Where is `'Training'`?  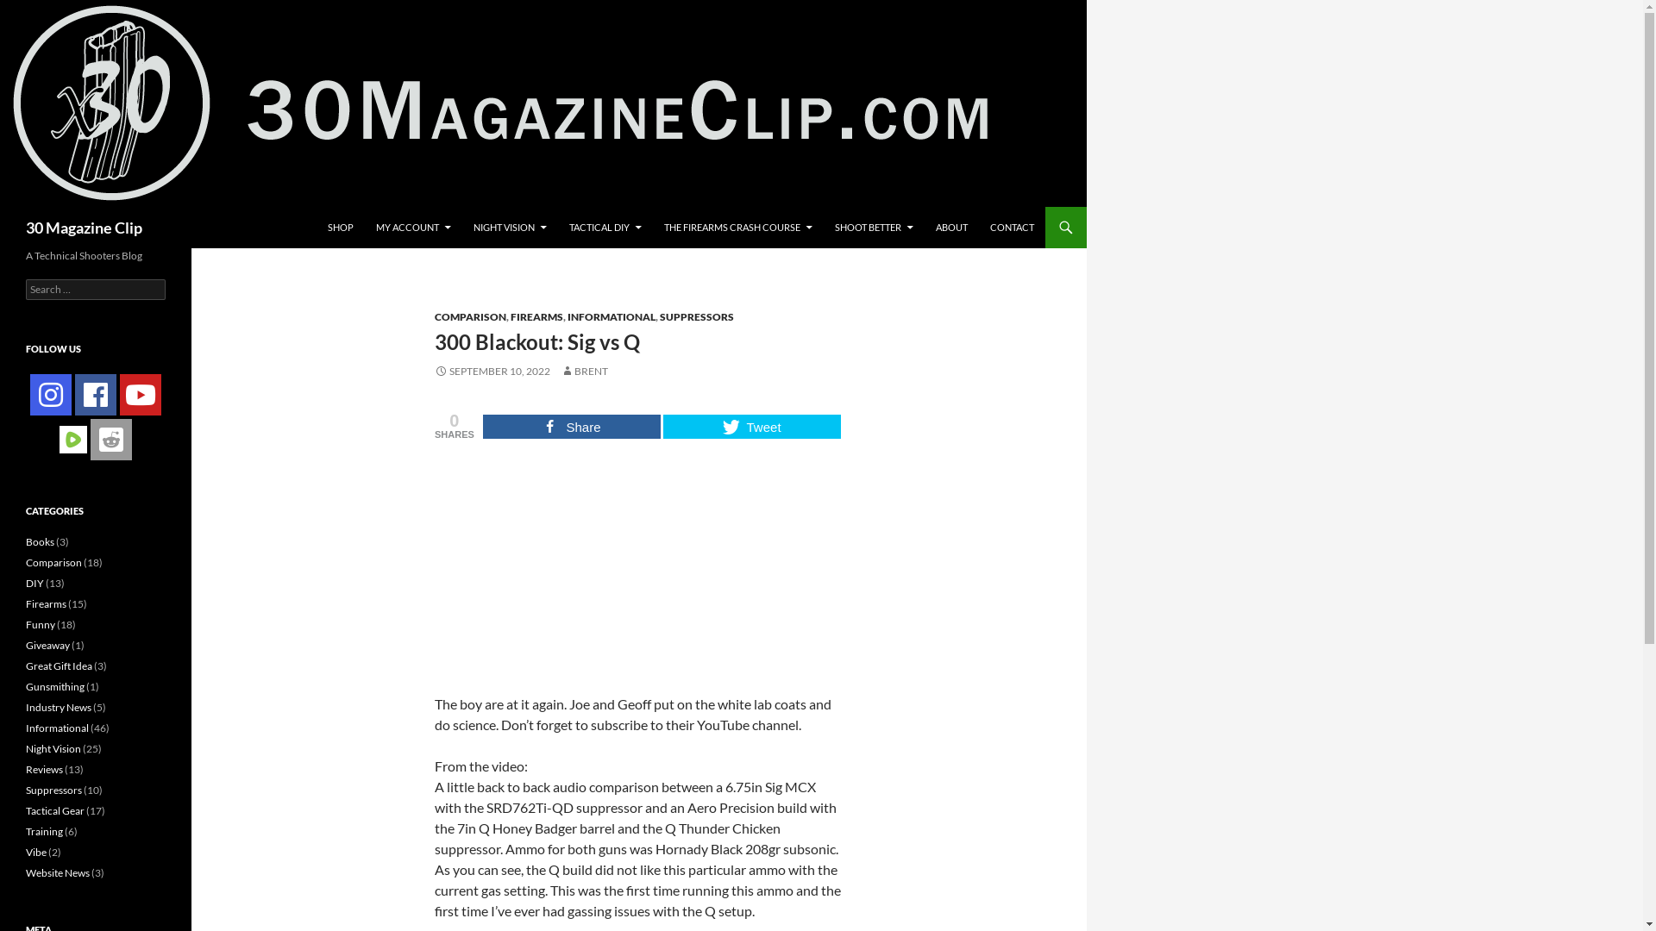
'Training' is located at coordinates (44, 830).